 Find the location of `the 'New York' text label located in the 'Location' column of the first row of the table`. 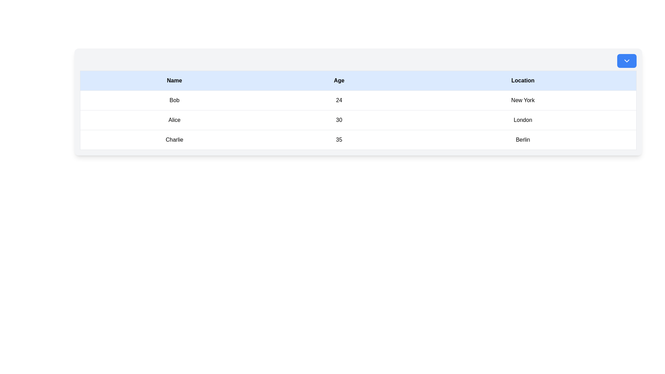

the 'New York' text label located in the 'Location' column of the first row of the table is located at coordinates (523, 100).